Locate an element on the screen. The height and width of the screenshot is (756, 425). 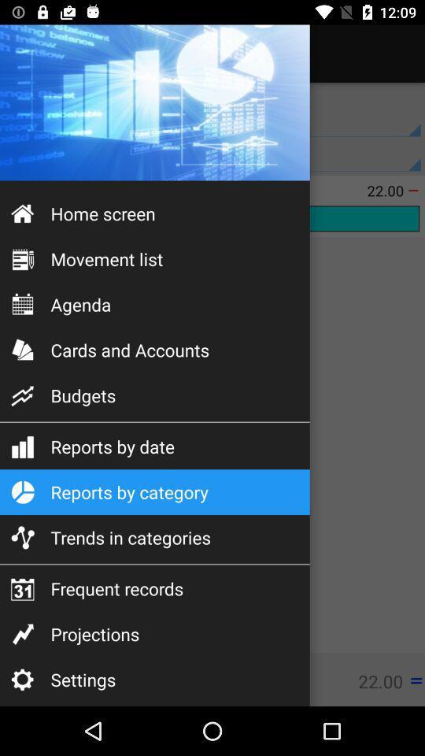
the settings icon is located at coordinates (26, 678).